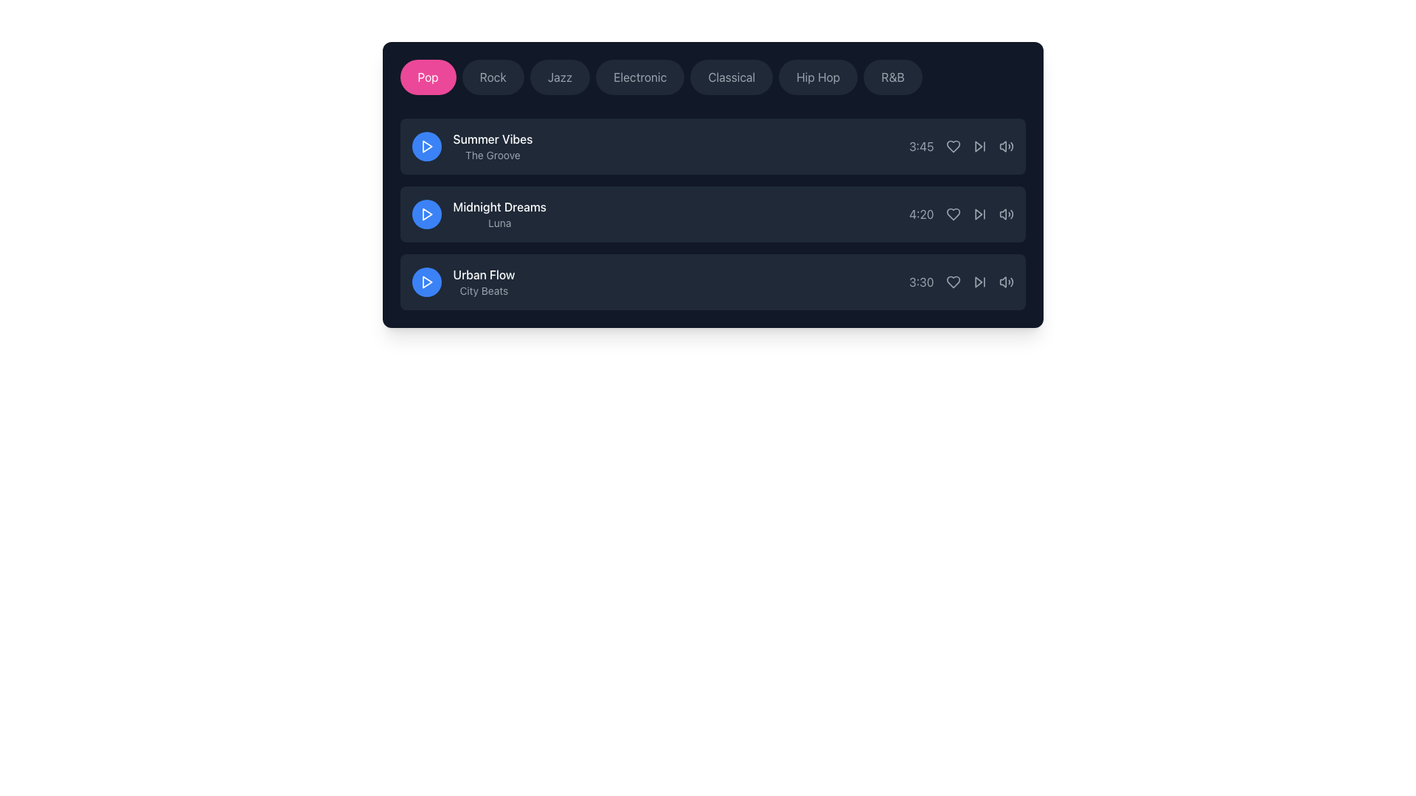 The image size is (1416, 796). Describe the element at coordinates (479, 214) in the screenshot. I see `the content of the textual informational block featuring the headline 'Midnight Dreams' and subtitle 'Luna', located in the second row of the list` at that location.